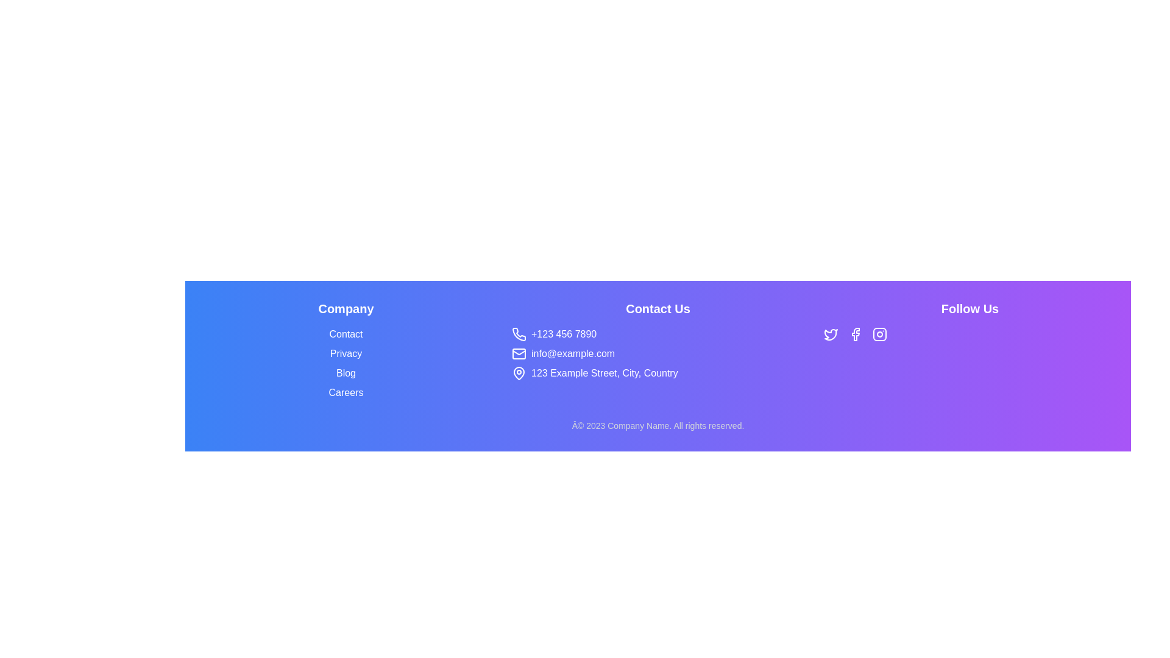  What do you see at coordinates (604, 373) in the screenshot?
I see `the address text '123 Example Street, City, Country' located in the blue-to-purple gradient footer section under the 'Contact Us' heading` at bounding box center [604, 373].